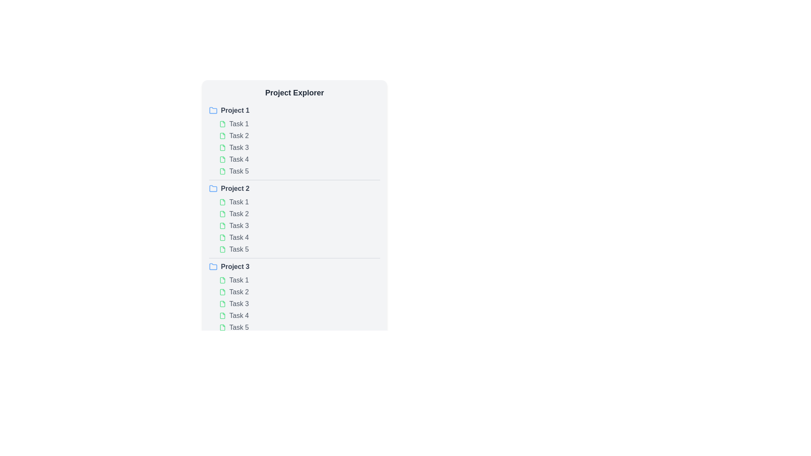 This screenshot has width=811, height=456. Describe the element at coordinates (223, 225) in the screenshot. I see `the document icon representing 'Task 3' in the Project Explorer` at that location.